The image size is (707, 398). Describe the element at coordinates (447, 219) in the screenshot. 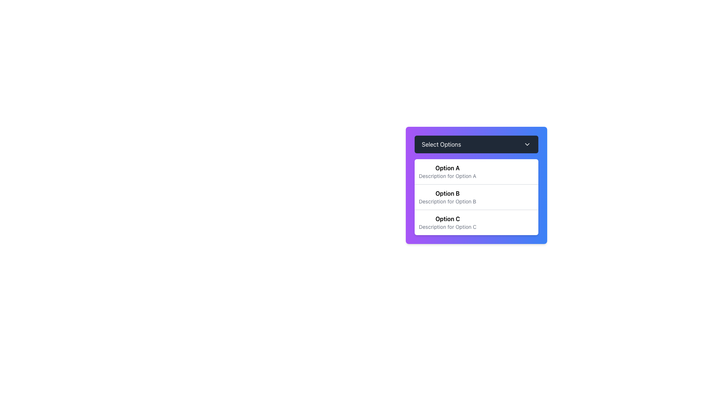

I see `the static text label reading 'Option C' within the dropdown menu interface` at that location.